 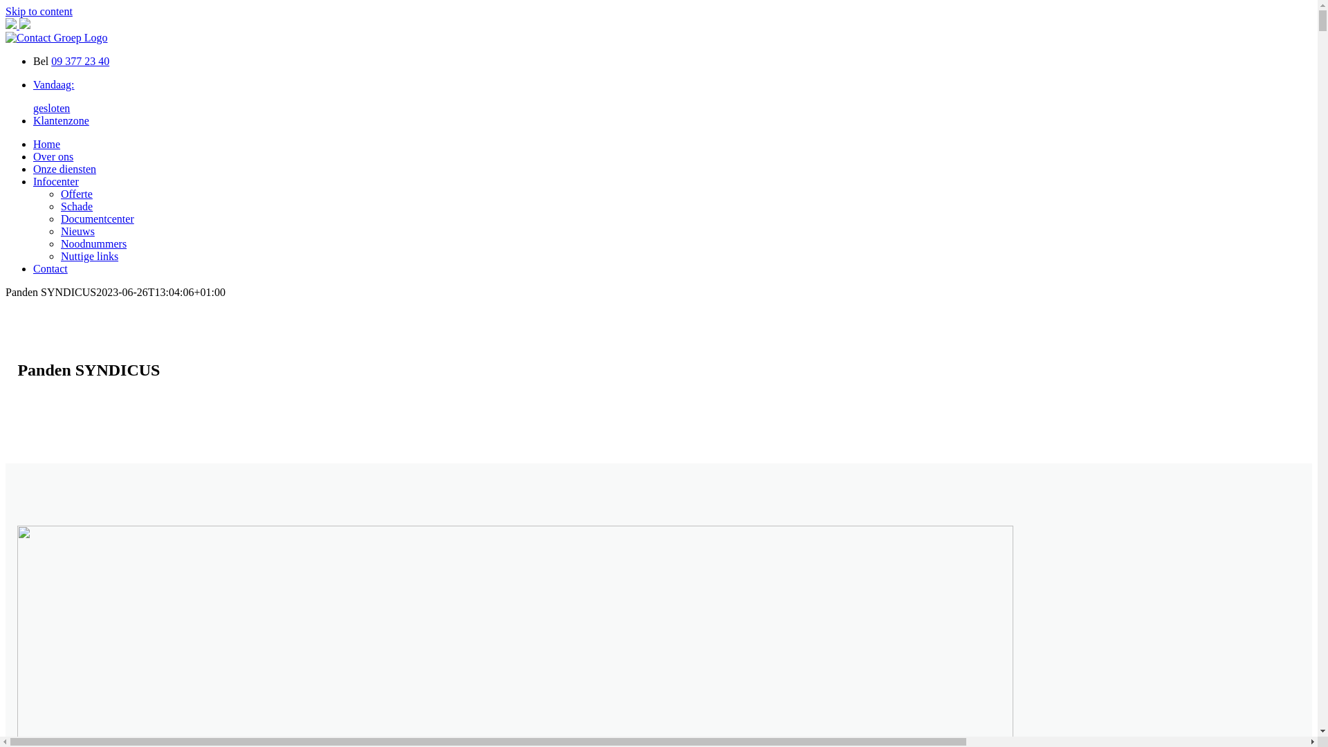 I want to click on 'Noodnummers', so click(x=93, y=243).